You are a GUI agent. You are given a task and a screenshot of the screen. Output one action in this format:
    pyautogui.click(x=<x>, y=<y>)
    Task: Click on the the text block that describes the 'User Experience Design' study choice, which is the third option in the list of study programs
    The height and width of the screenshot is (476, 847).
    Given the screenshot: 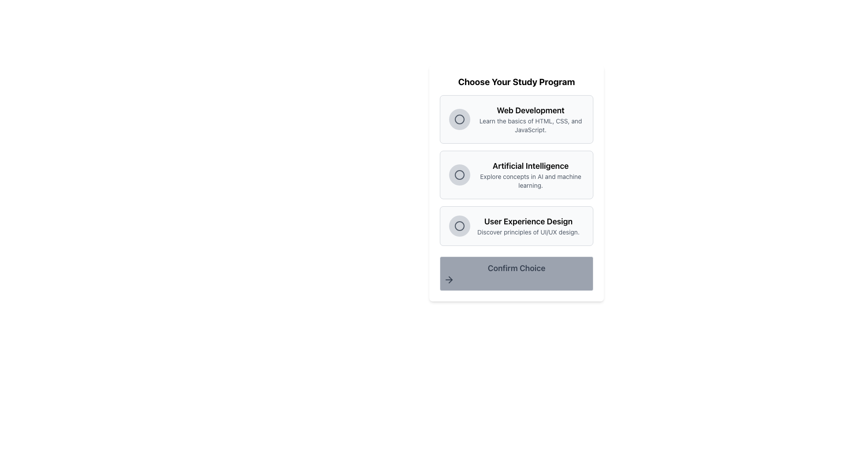 What is the action you would take?
    pyautogui.click(x=528, y=226)
    